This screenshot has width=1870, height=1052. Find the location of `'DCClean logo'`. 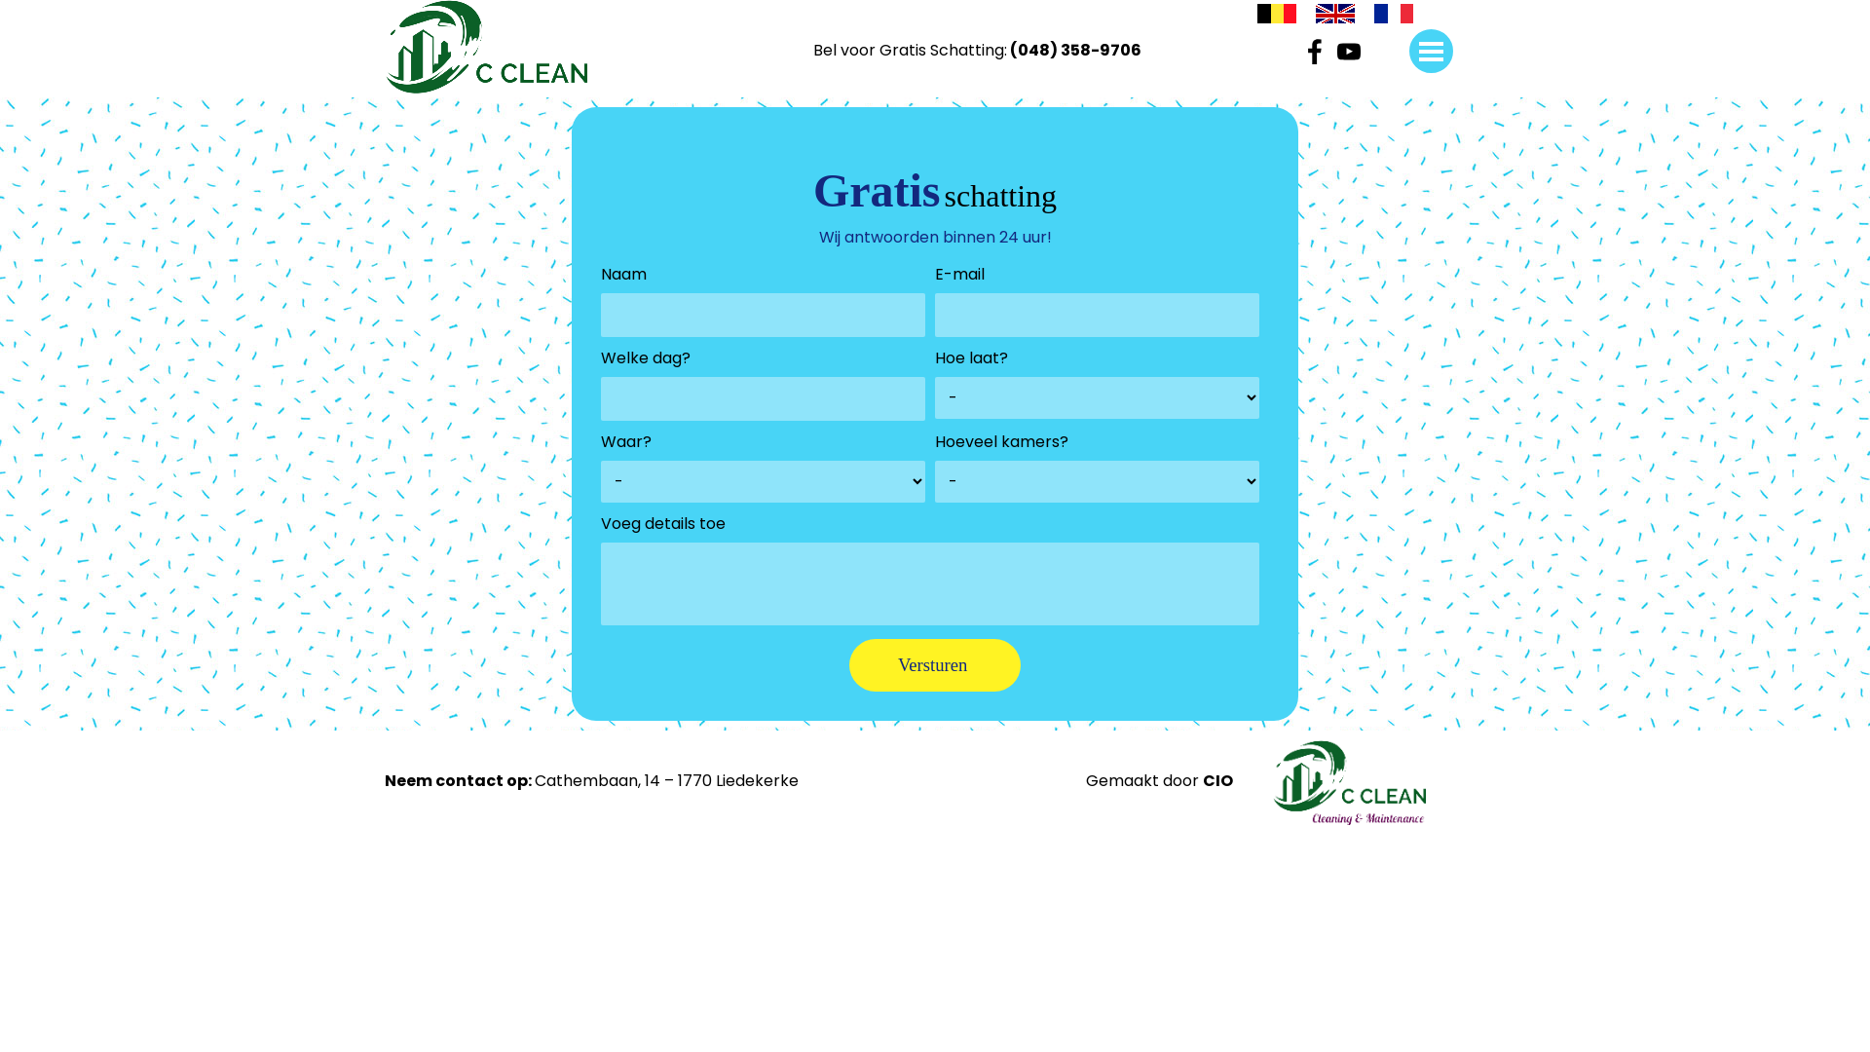

'DCClean logo' is located at coordinates (486, 45).